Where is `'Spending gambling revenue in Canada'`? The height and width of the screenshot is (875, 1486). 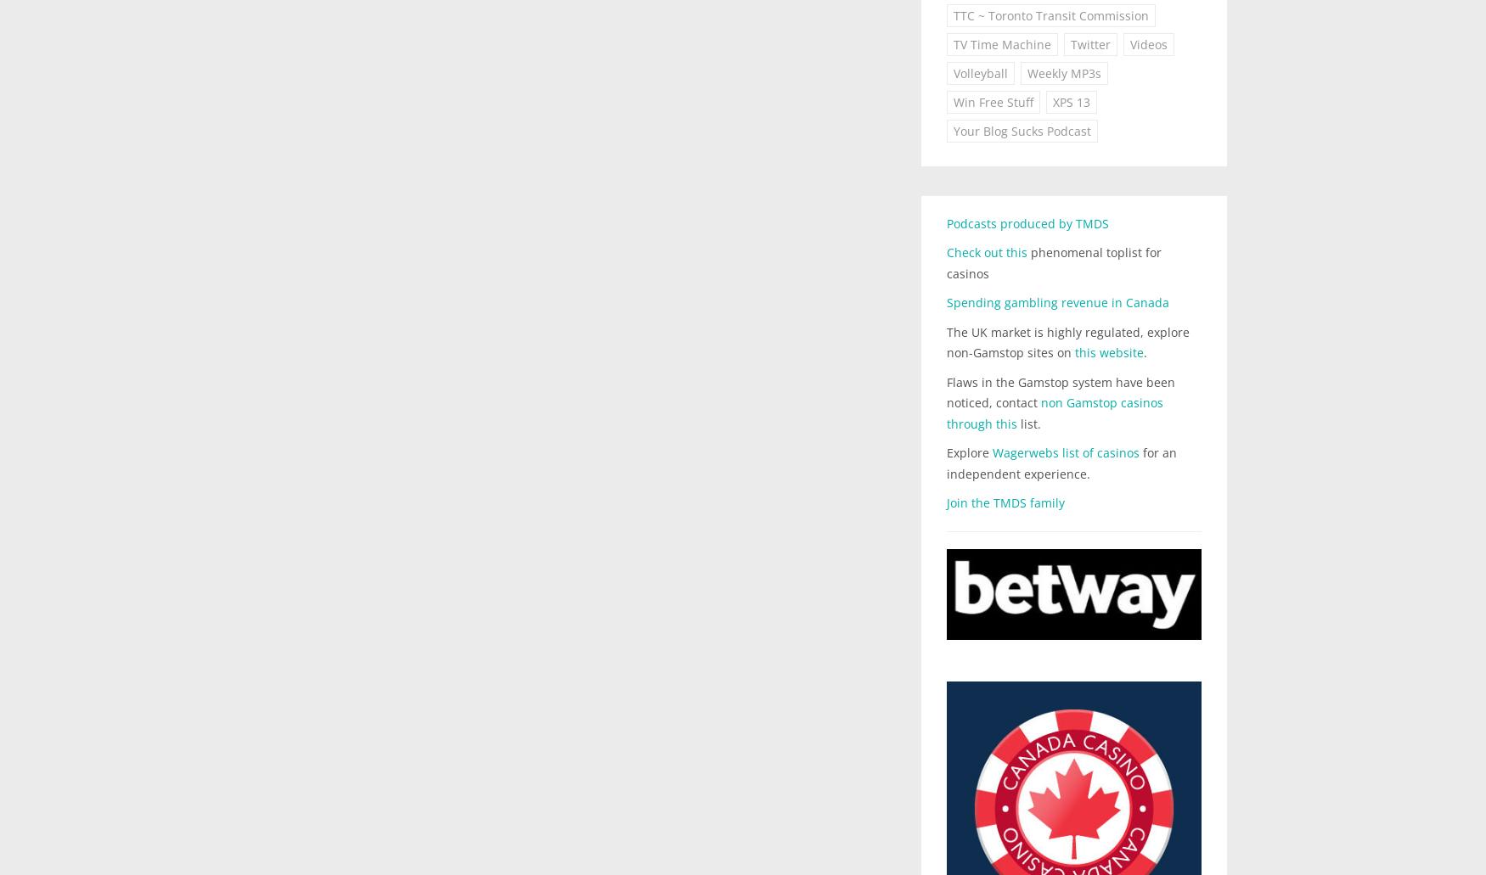
'Spending gambling revenue in Canada' is located at coordinates (1058, 301).